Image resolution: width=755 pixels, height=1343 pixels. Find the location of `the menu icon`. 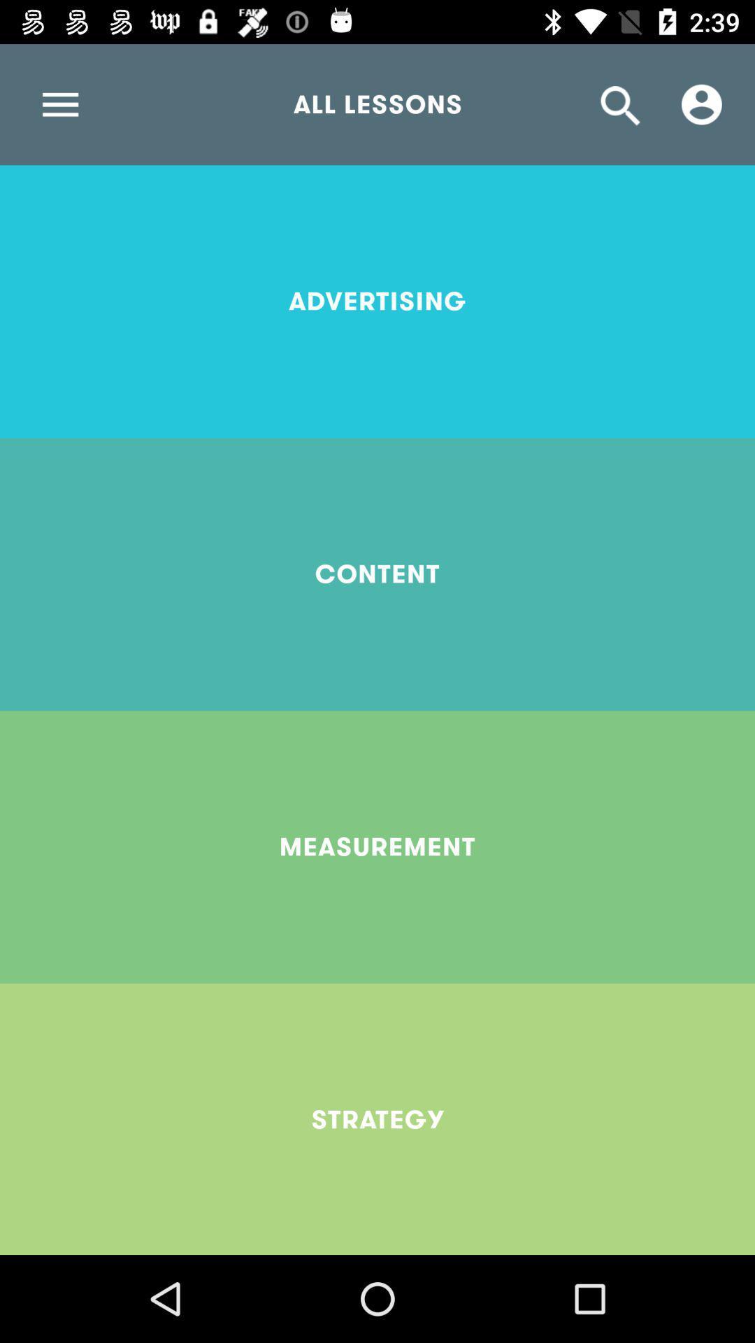

the menu icon is located at coordinates (59, 104).